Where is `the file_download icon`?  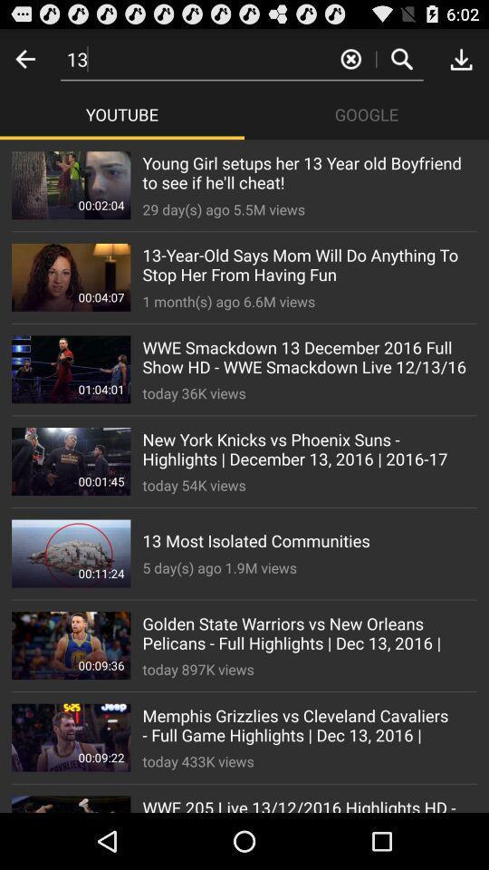
the file_download icon is located at coordinates (461, 63).